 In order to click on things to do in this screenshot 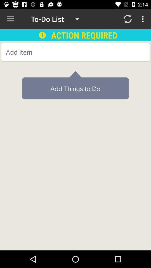, I will do `click(51, 52)`.